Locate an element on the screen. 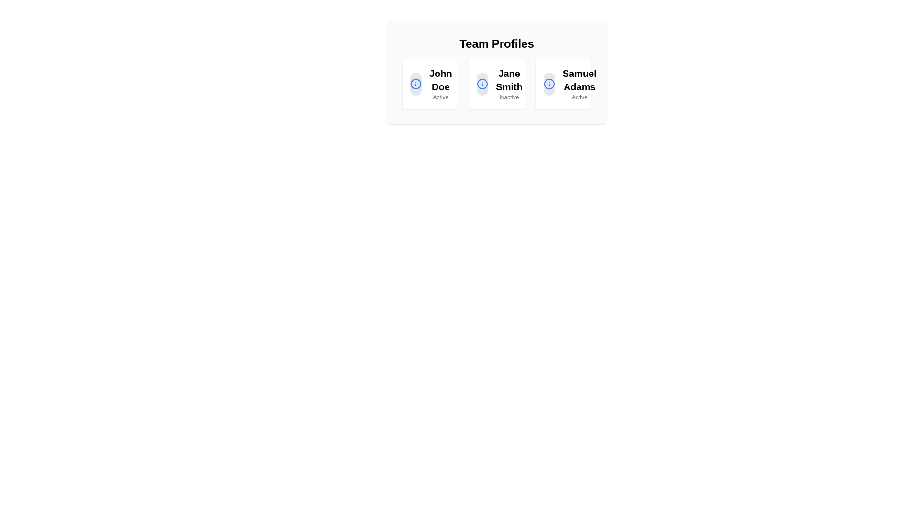 This screenshot has height=516, width=918. the Profile card for 'Jane Smith', which is the middle card is located at coordinates (496, 84).